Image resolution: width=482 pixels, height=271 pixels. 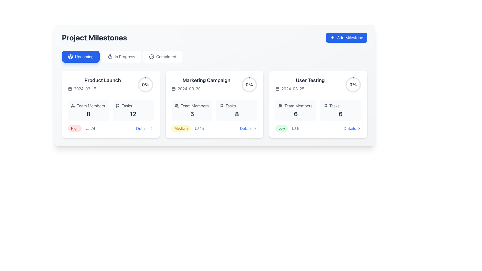 I want to click on the Text label indicating the section for displaying the number of team members associated with 'User Testing', which is positioned above the numeric value '6', so click(x=296, y=105).